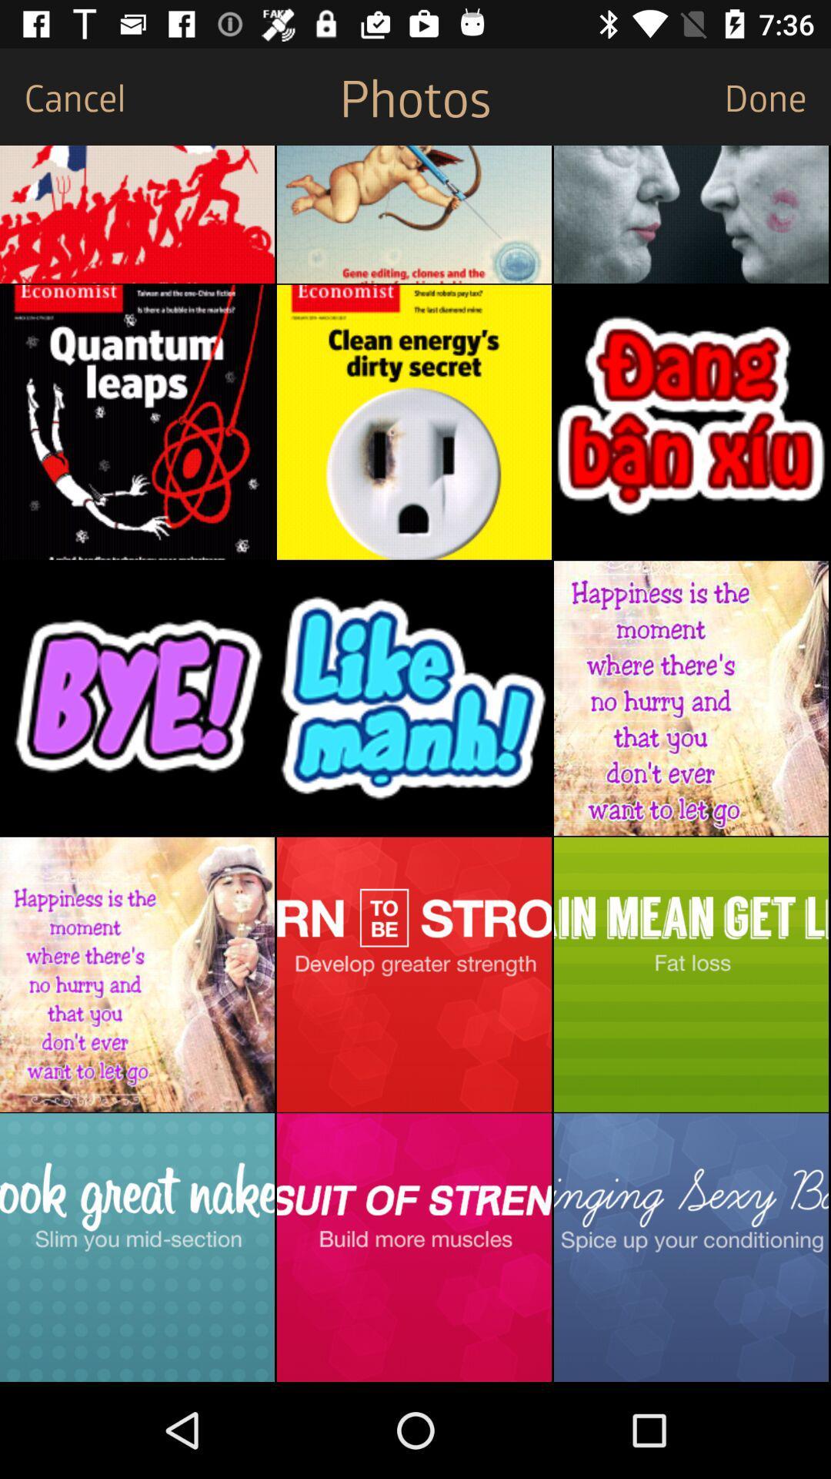 This screenshot has width=831, height=1479. I want to click on quantum leaps image, so click(136, 422).